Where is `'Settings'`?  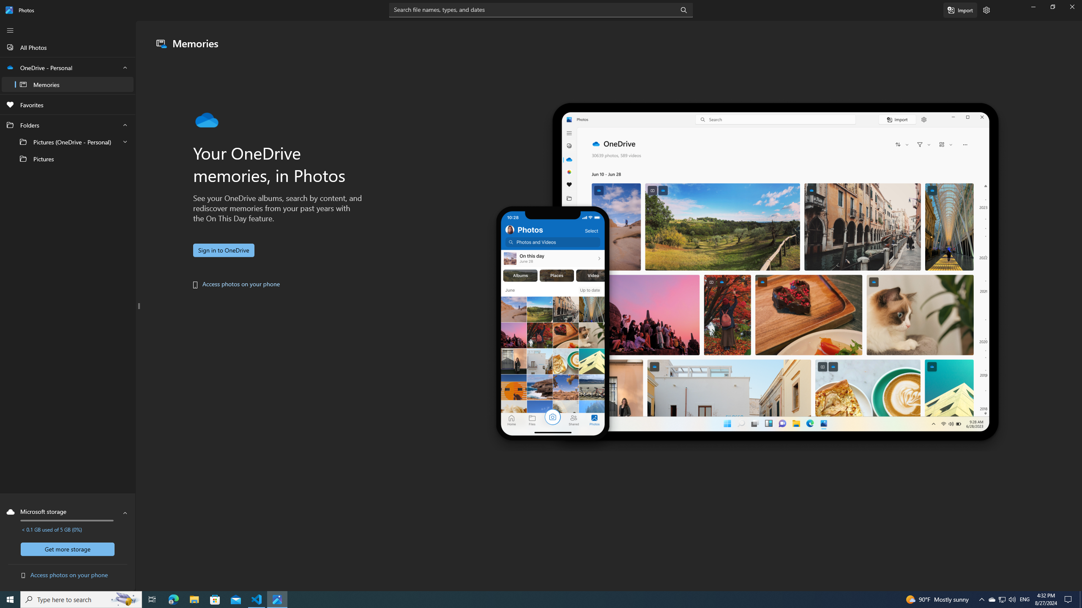 'Settings' is located at coordinates (986, 9).